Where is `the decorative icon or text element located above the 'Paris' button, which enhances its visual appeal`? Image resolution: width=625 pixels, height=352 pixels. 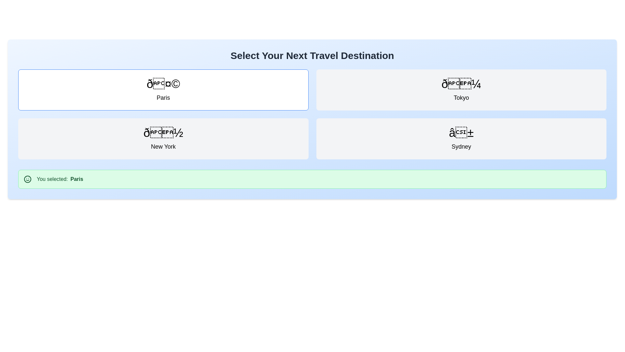 the decorative icon or text element located above the 'Paris' button, which enhances its visual appeal is located at coordinates (163, 84).